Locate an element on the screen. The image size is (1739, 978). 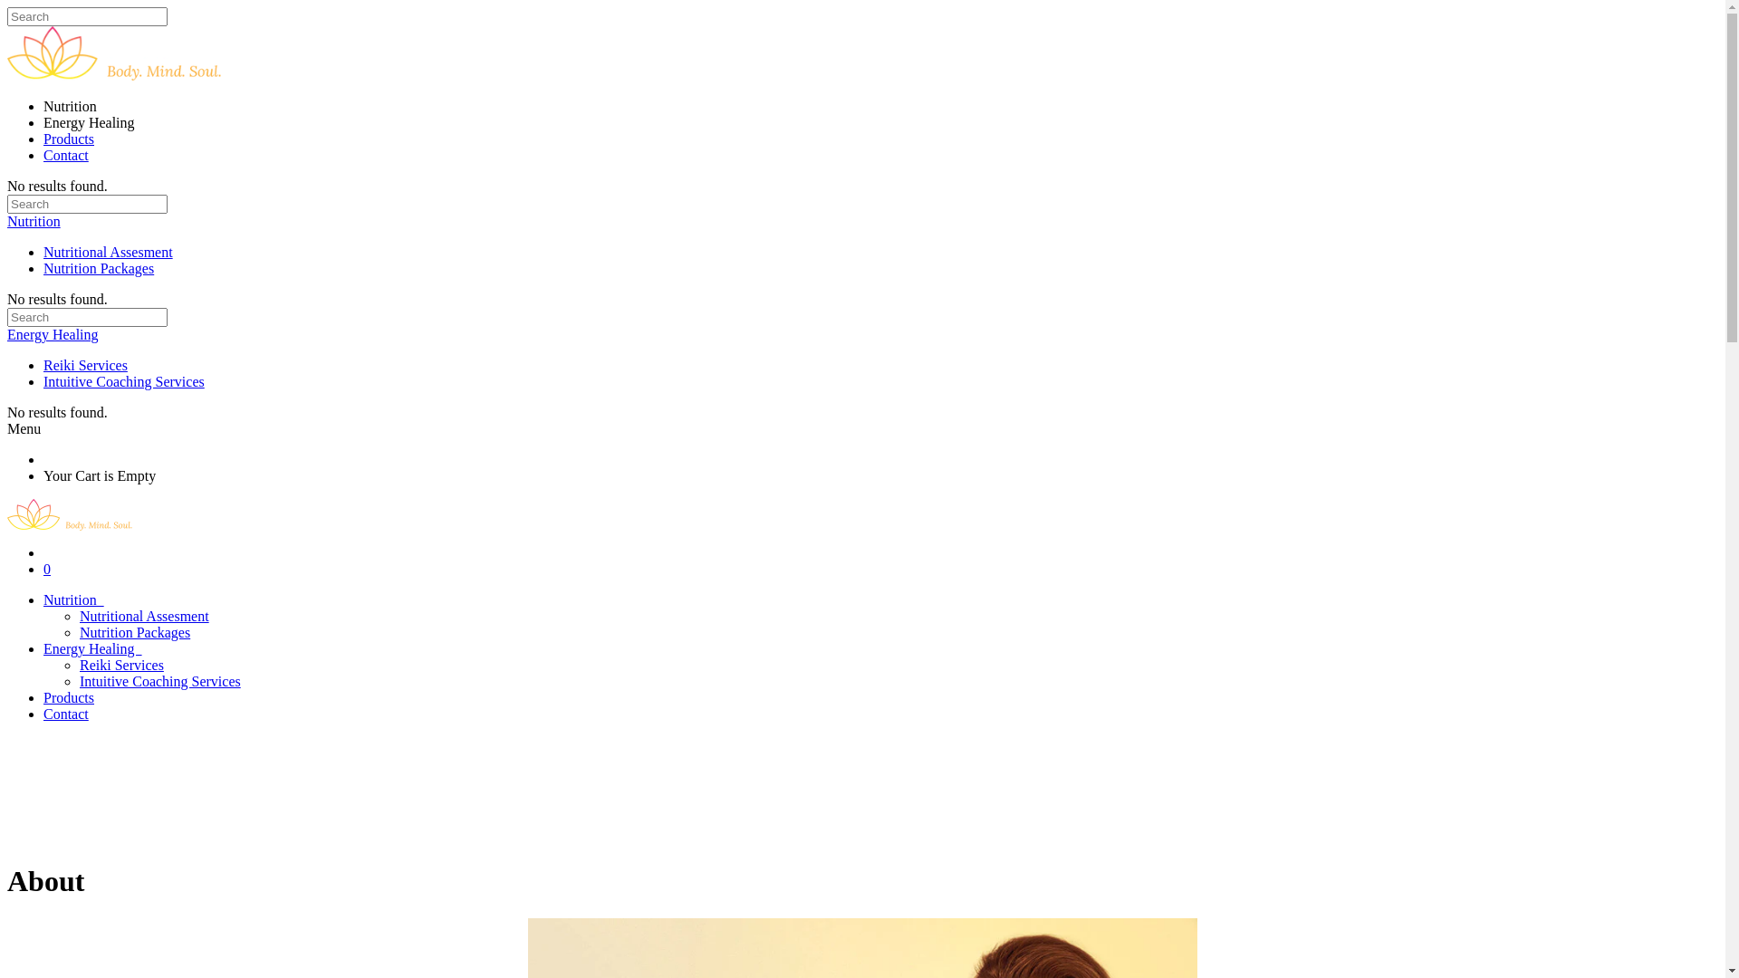
'Nutritional Assesment' is located at coordinates (107, 252).